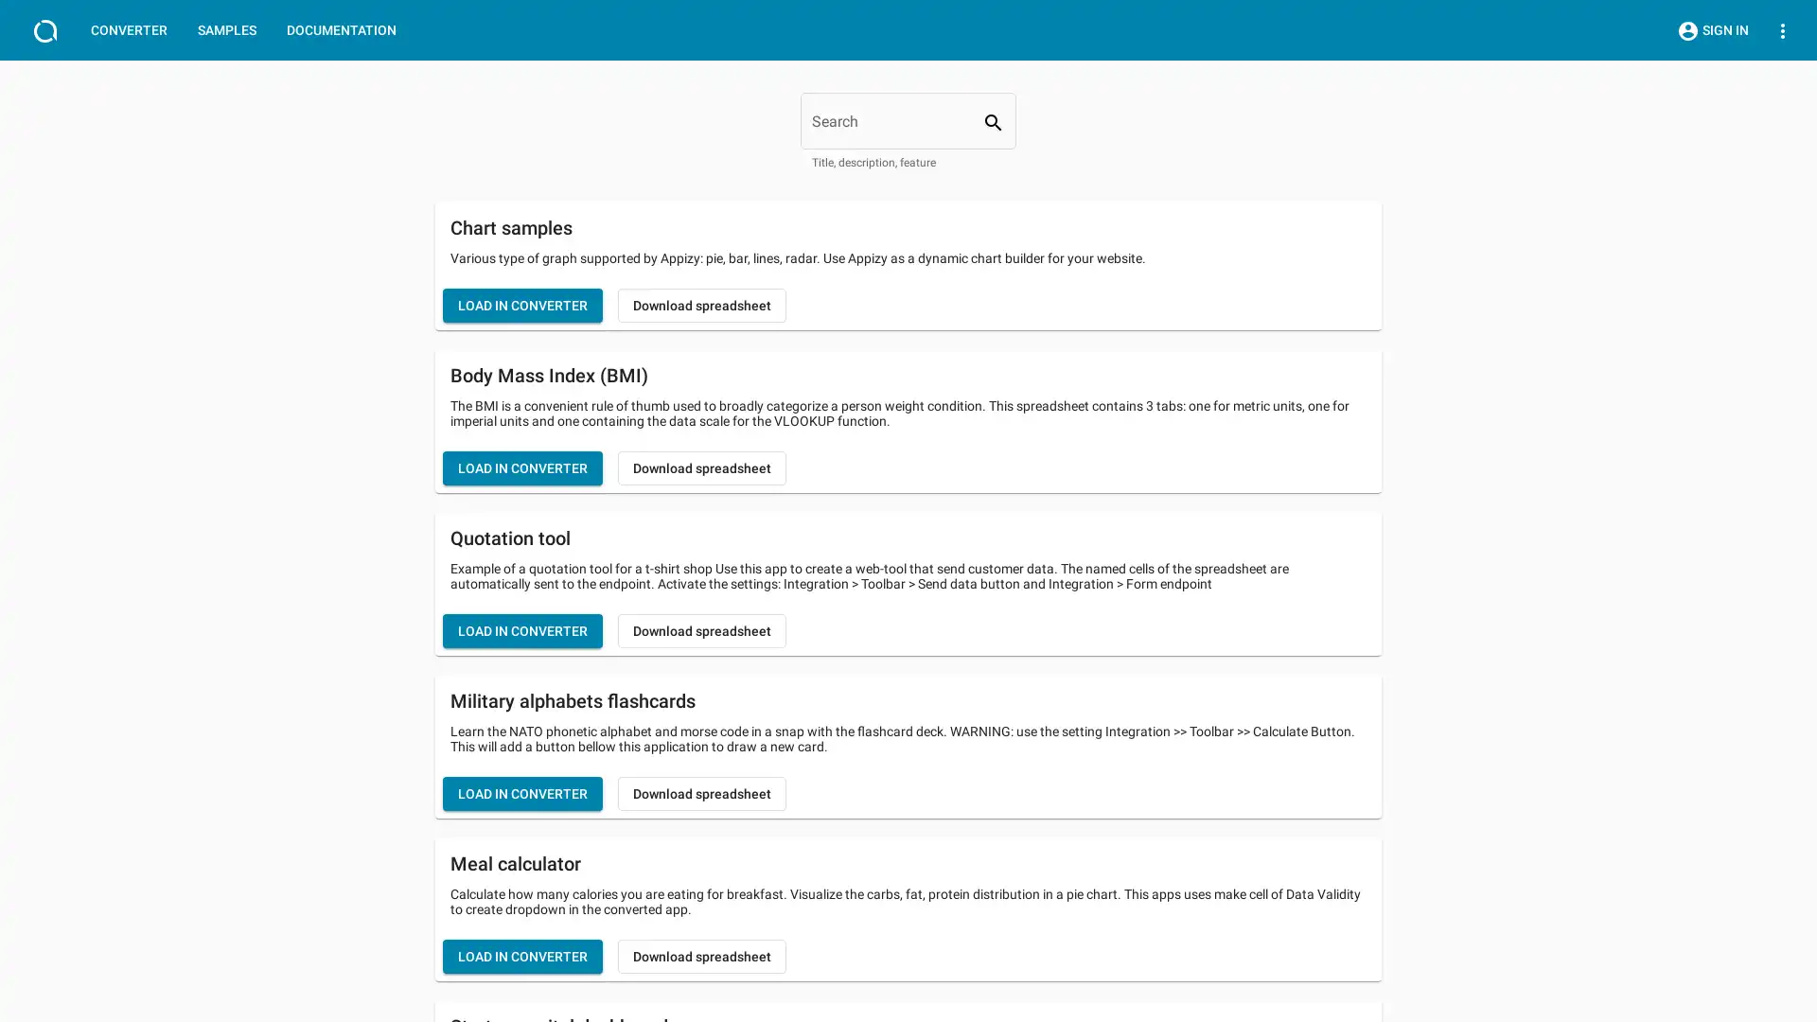  What do you see at coordinates (522, 631) in the screenshot?
I see `LOAD IN CONVERTER` at bounding box center [522, 631].